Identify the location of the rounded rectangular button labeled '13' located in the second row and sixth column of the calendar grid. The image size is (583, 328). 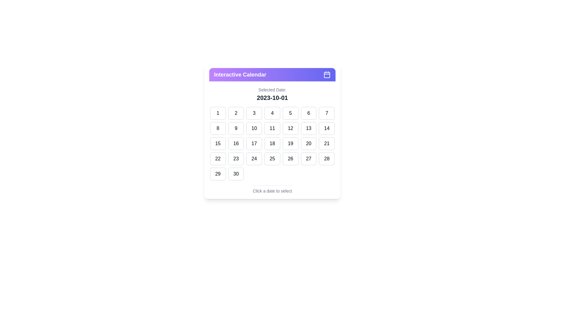
(309, 128).